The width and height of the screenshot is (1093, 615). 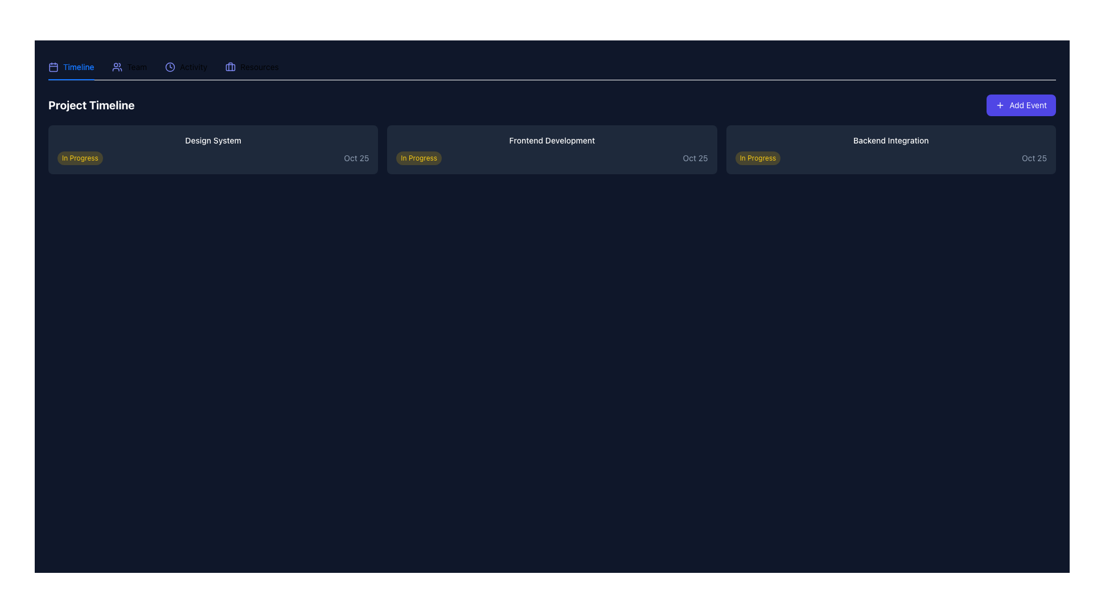 I want to click on text content of the text label displaying 'Design System' which is located at the center of the first card in a row of cards, so click(x=213, y=140).